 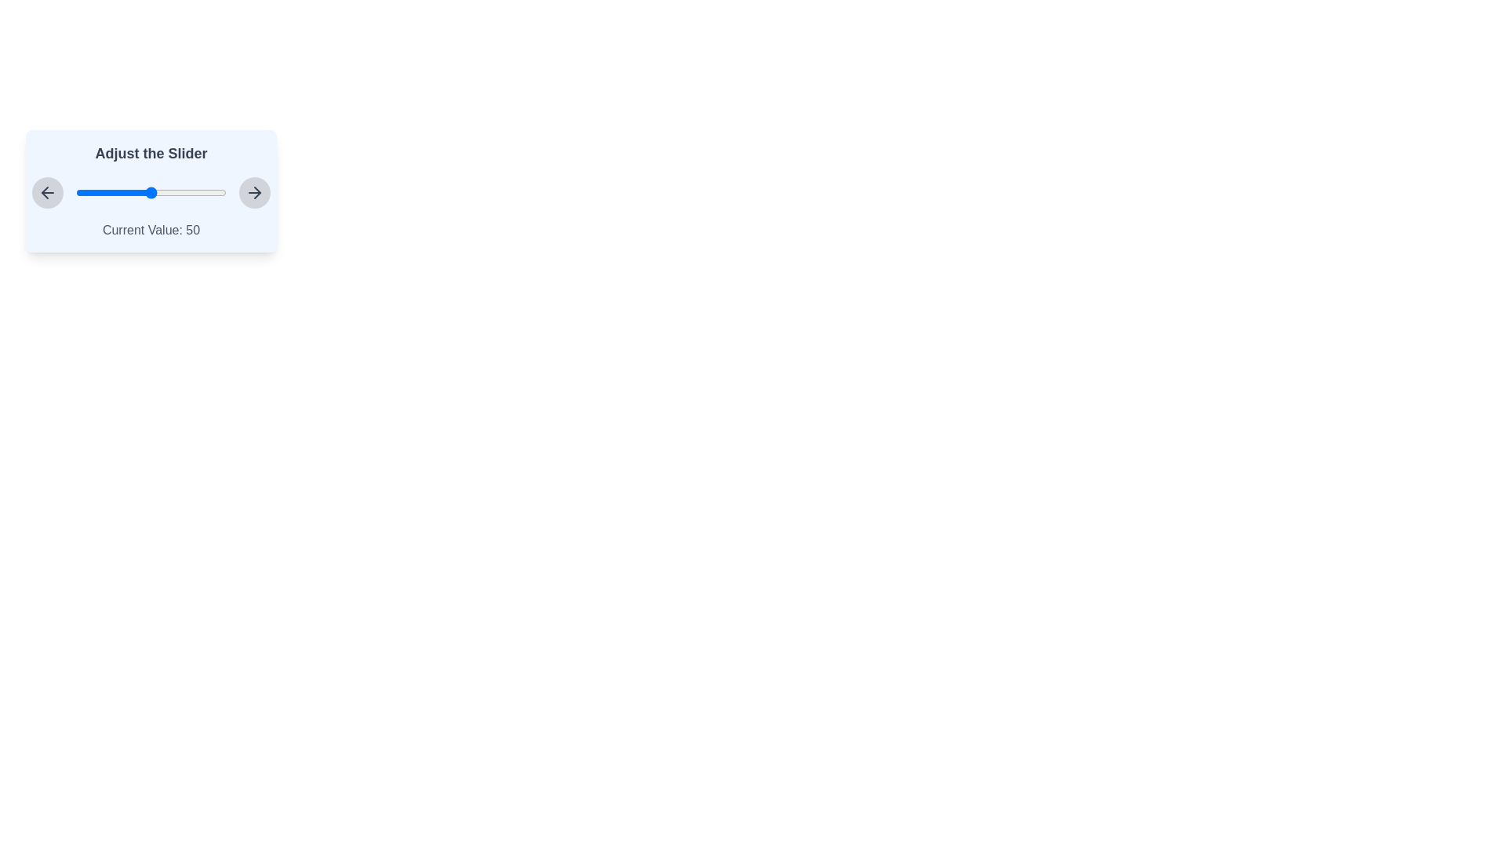 What do you see at coordinates (89, 192) in the screenshot?
I see `the slider` at bounding box center [89, 192].